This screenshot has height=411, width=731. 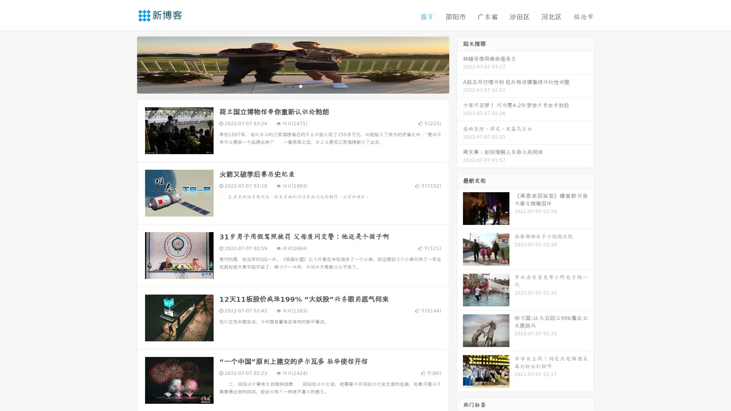 I want to click on Next slide, so click(x=460, y=64).